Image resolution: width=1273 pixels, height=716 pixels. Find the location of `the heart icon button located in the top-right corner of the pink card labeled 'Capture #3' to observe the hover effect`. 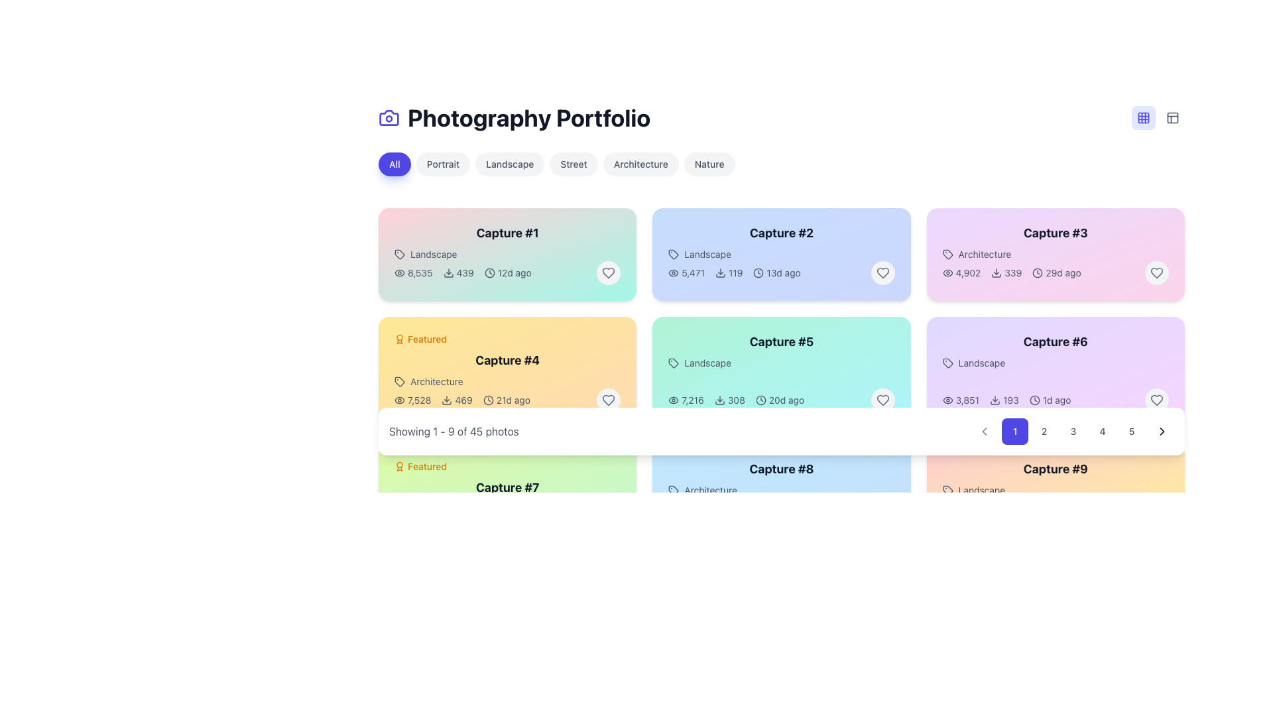

the heart icon button located in the top-right corner of the pink card labeled 'Capture #3' to observe the hover effect is located at coordinates (1156, 272).